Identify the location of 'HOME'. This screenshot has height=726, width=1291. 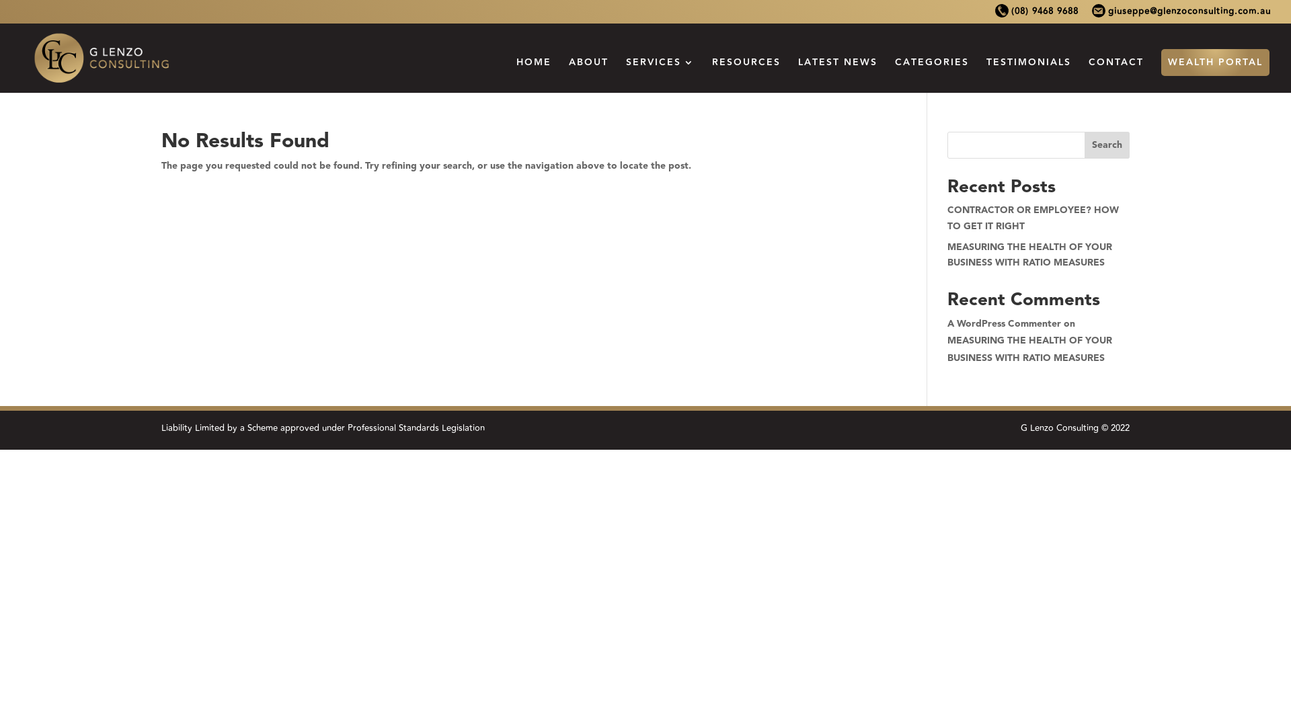
(533, 75).